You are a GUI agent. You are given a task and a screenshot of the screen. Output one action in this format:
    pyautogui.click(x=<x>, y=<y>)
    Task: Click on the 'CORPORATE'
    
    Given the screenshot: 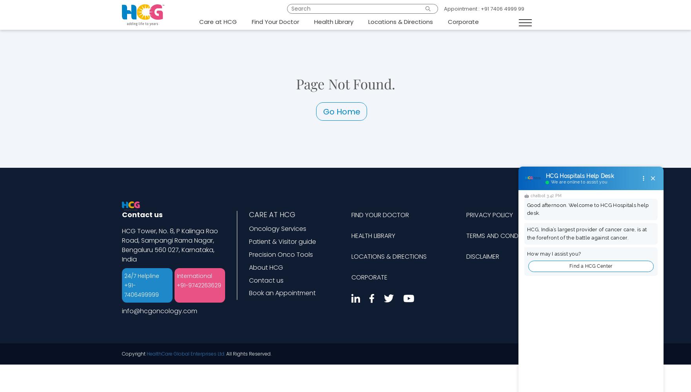 What is the action you would take?
    pyautogui.click(x=369, y=276)
    